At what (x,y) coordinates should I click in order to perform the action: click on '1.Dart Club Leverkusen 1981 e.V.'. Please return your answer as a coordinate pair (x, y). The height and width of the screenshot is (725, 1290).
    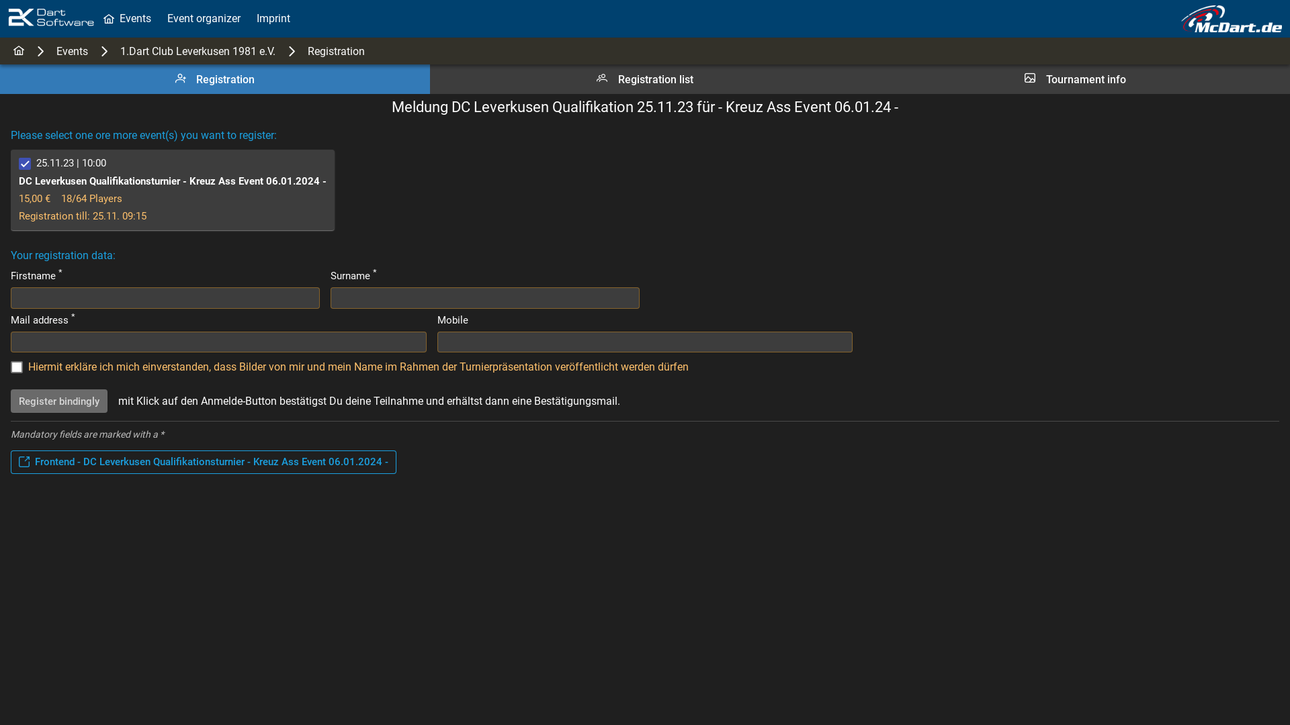
    Looking at the image, I should click on (197, 50).